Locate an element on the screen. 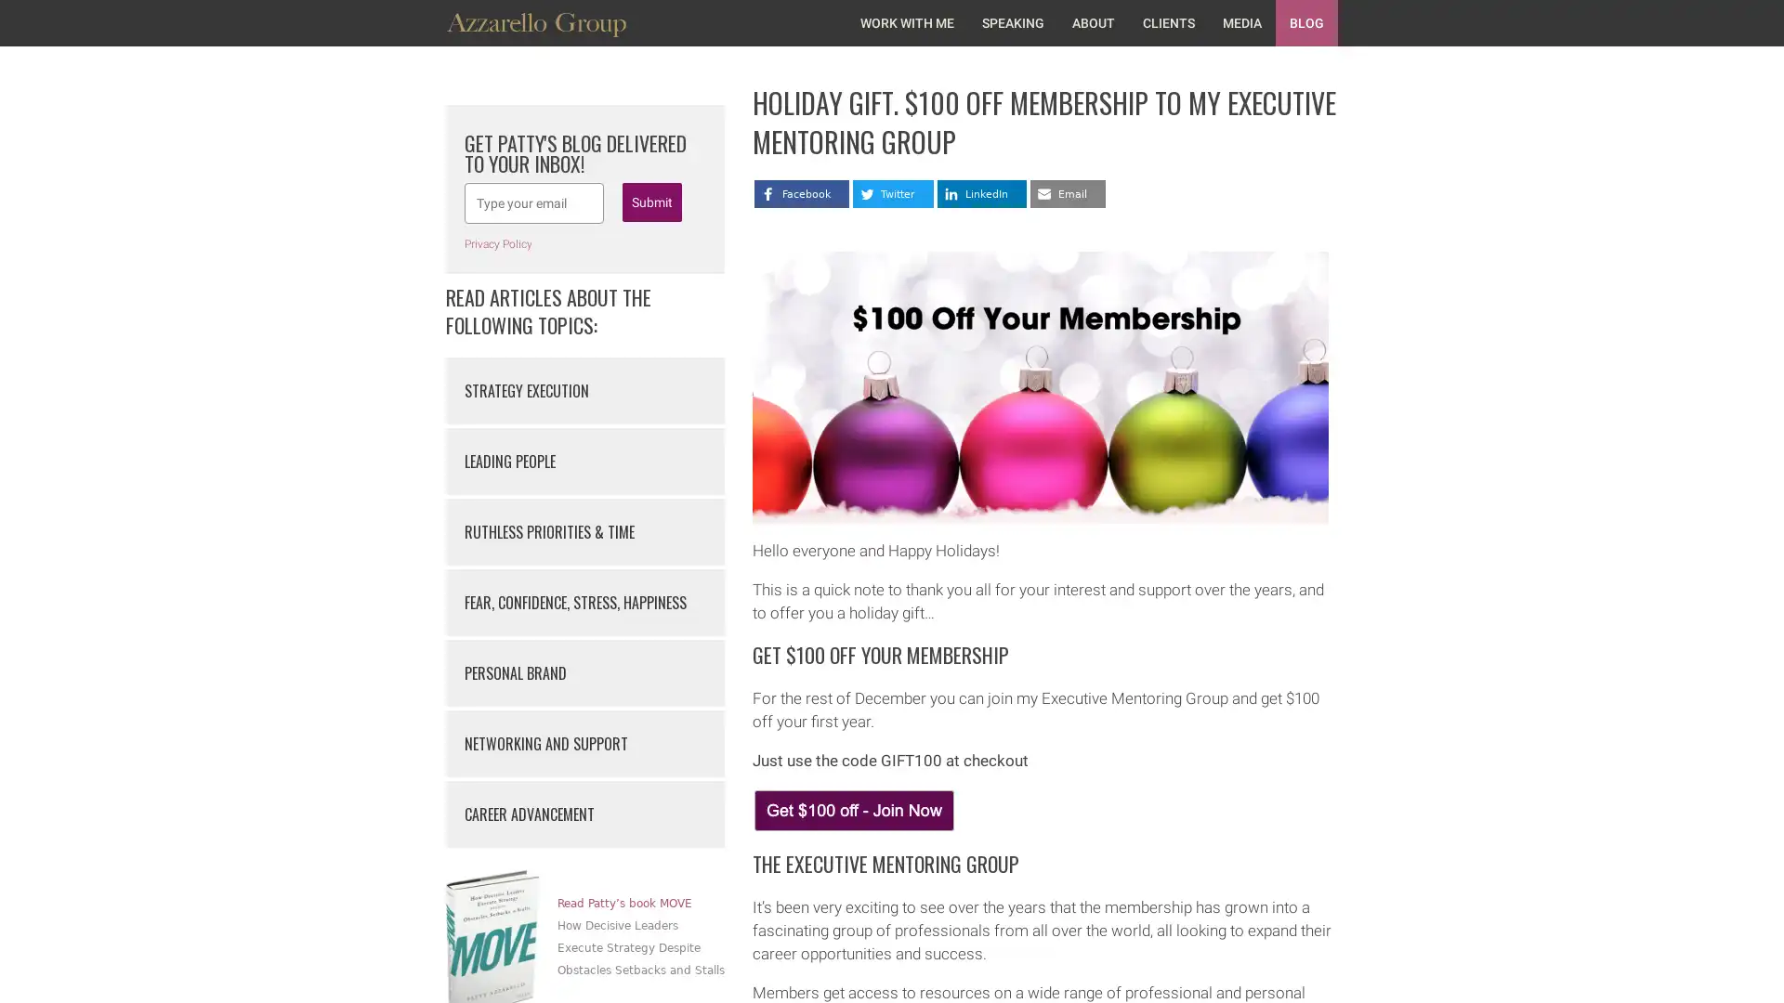 This screenshot has height=1003, width=1784. FEAR, CONFIDENCE, STRESS, HAPPINESS is located at coordinates (584, 602).